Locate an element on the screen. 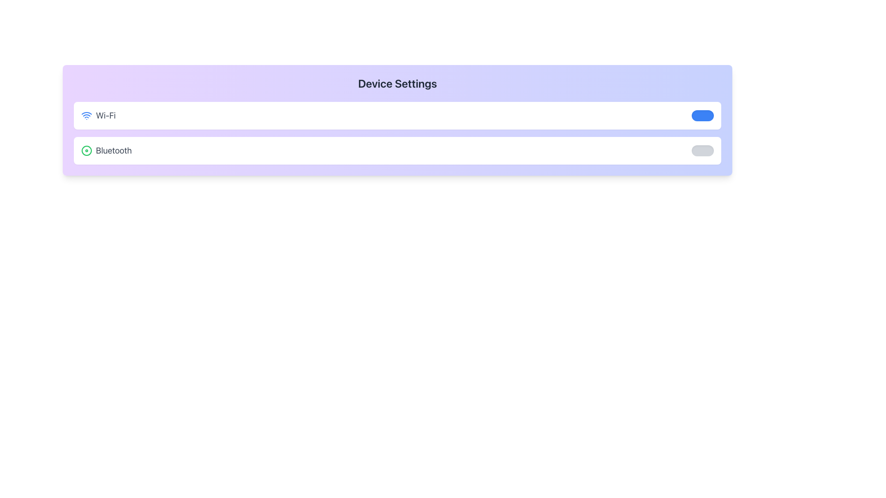 This screenshot has height=498, width=886. the 'Wi-Fi' text label, which is styled in gray with a large, bold font and located to the right of the wireless connectivity icon in the upper section of the interface is located at coordinates (106, 115).